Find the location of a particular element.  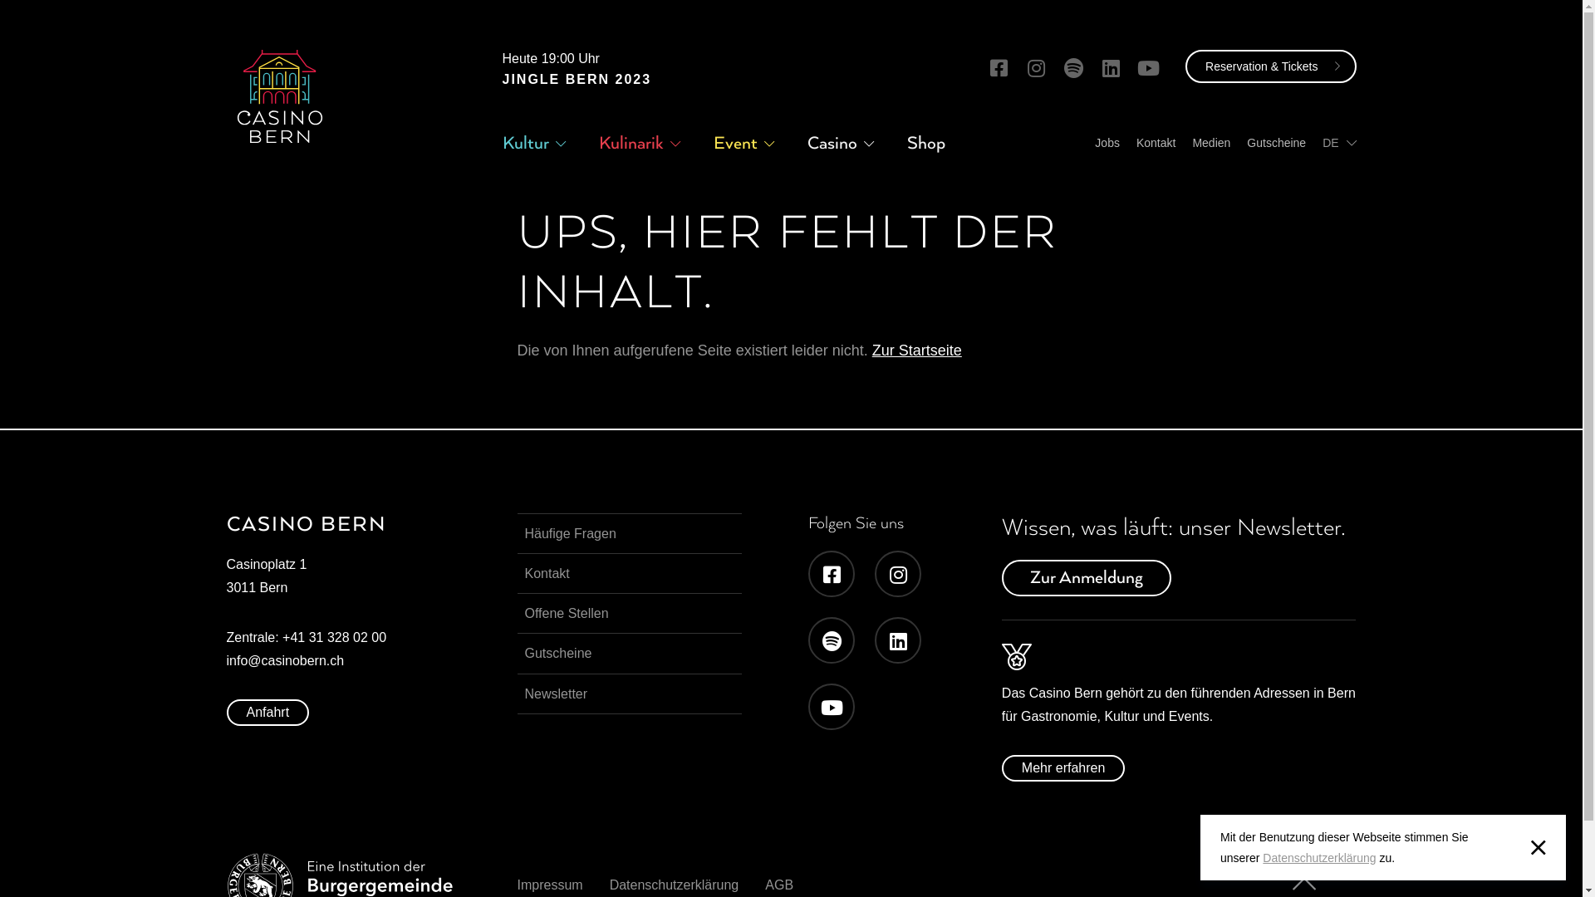

'Zur Anmeldung' is located at coordinates (1087, 576).